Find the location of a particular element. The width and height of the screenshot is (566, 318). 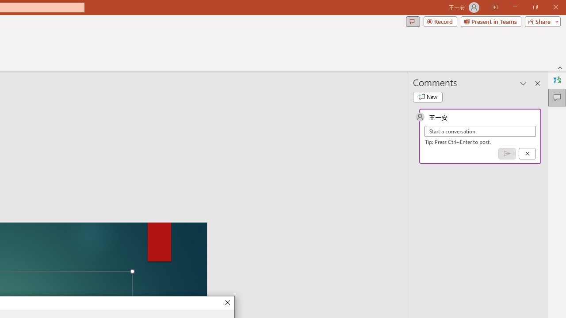

'Cancel' is located at coordinates (527, 153).